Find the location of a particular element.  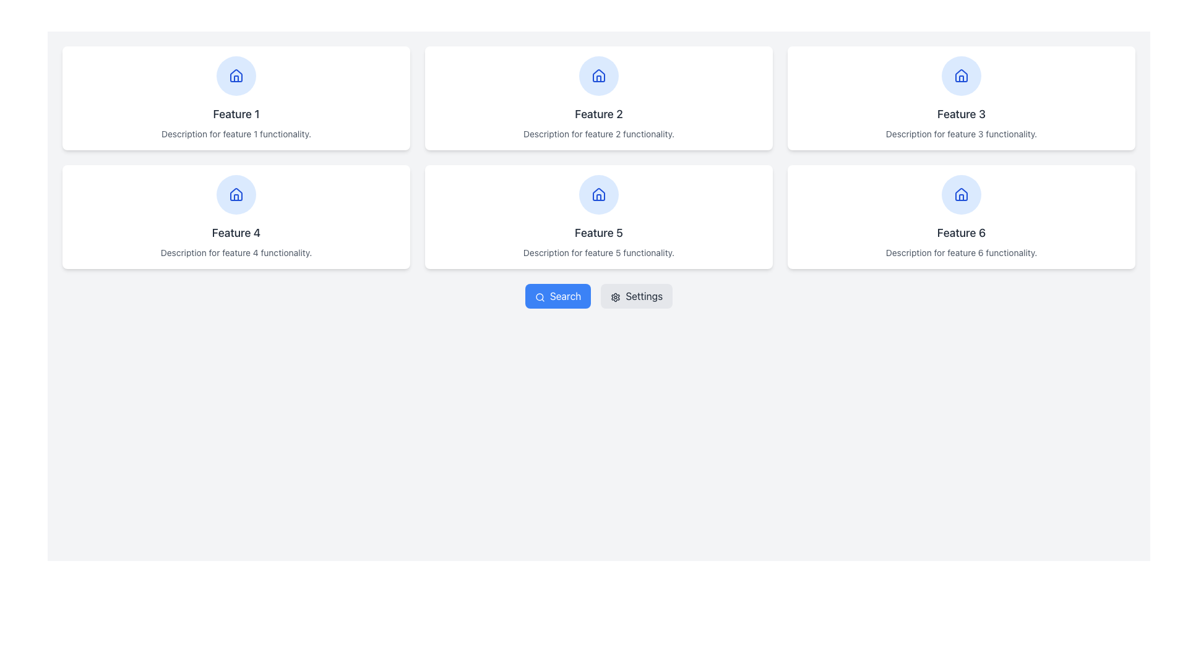

the graphical icon representing 'home' within the circular blue background located in the top-left feature panel labeled 'Feature 1' is located at coordinates (236, 76).